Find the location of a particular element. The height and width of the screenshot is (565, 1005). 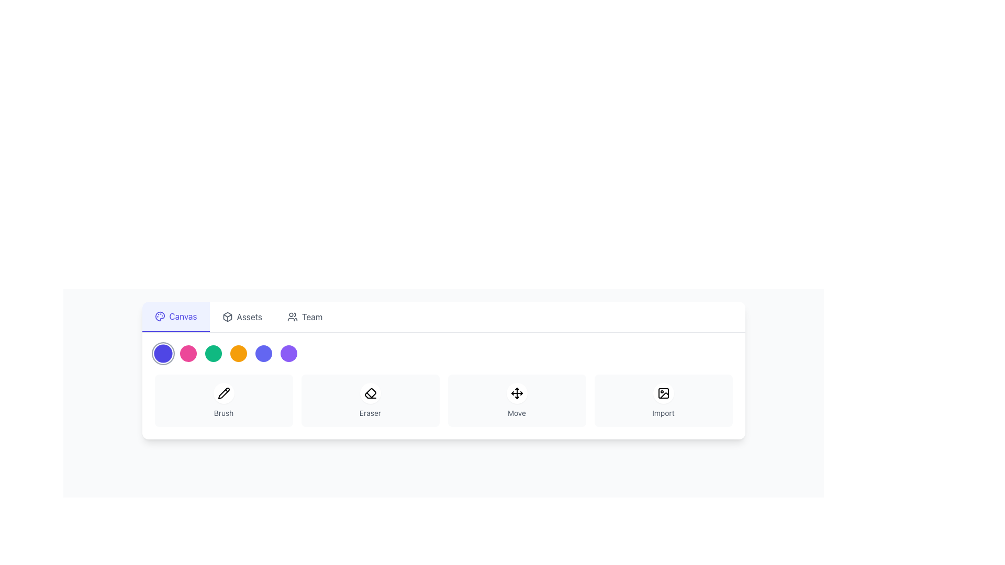

the 'Team' icon located on the left side of the 'Team' tab in the navigation bar is located at coordinates (293, 316).